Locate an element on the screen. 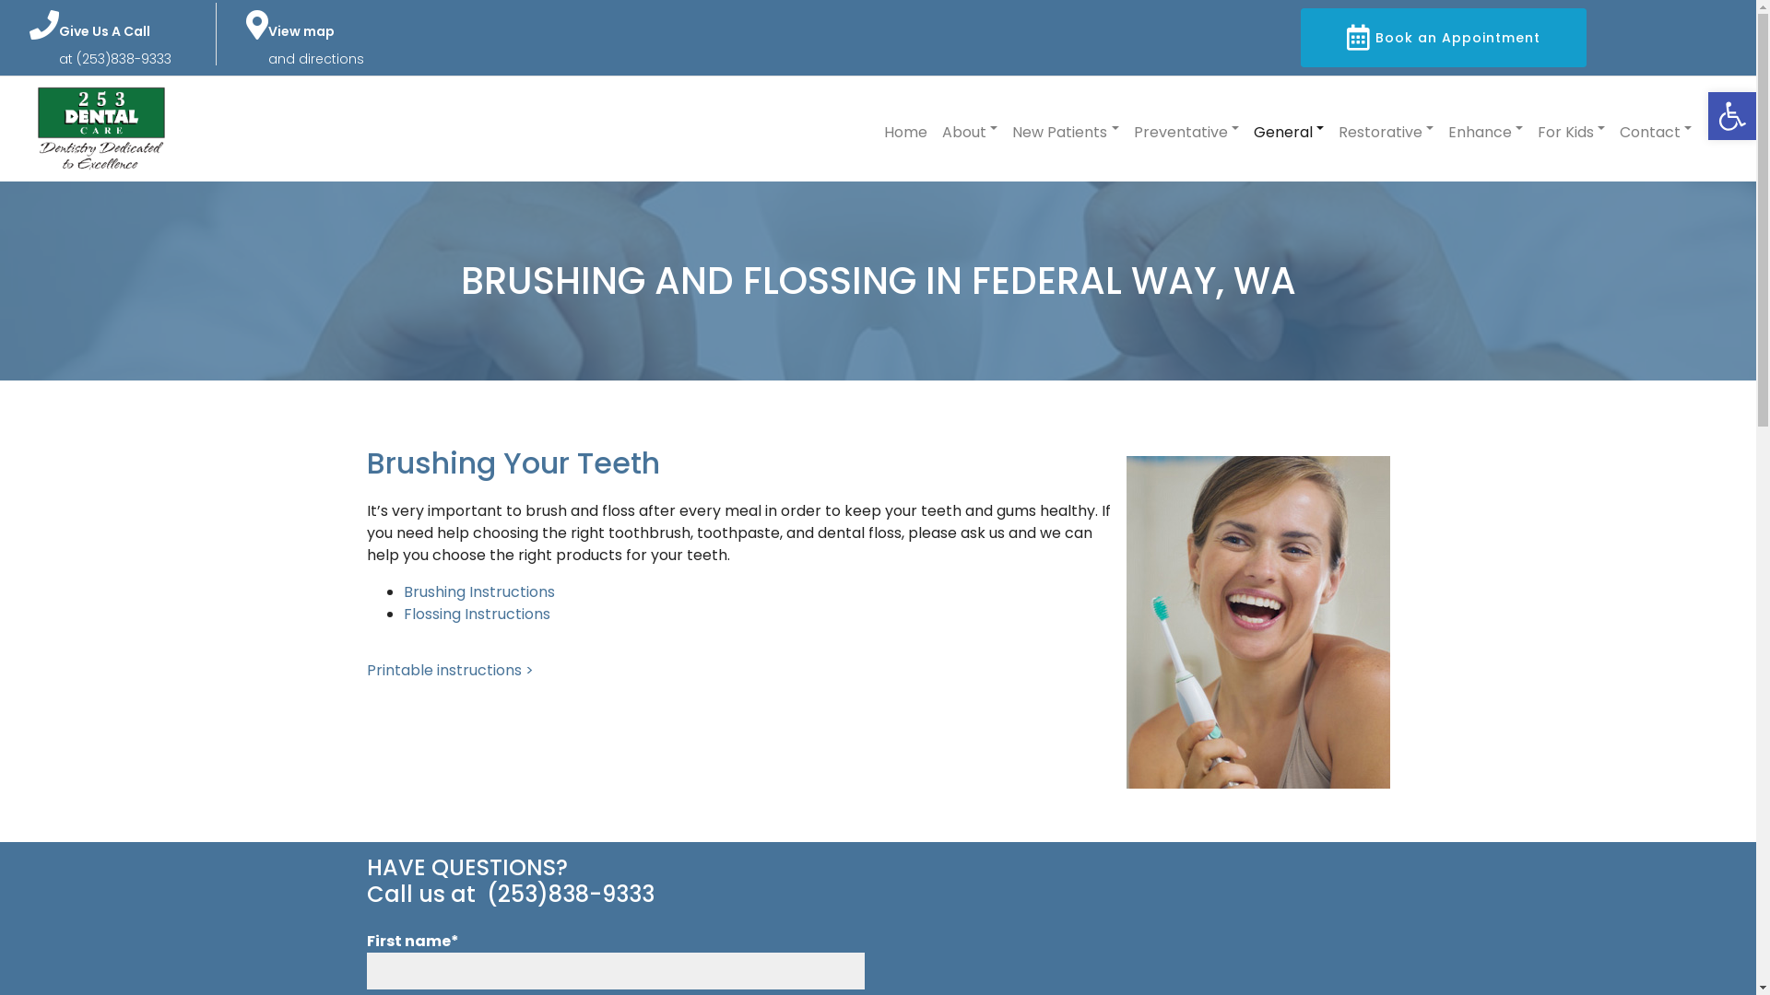 The image size is (1770, 995). 'Enhance' is located at coordinates (1485, 127).